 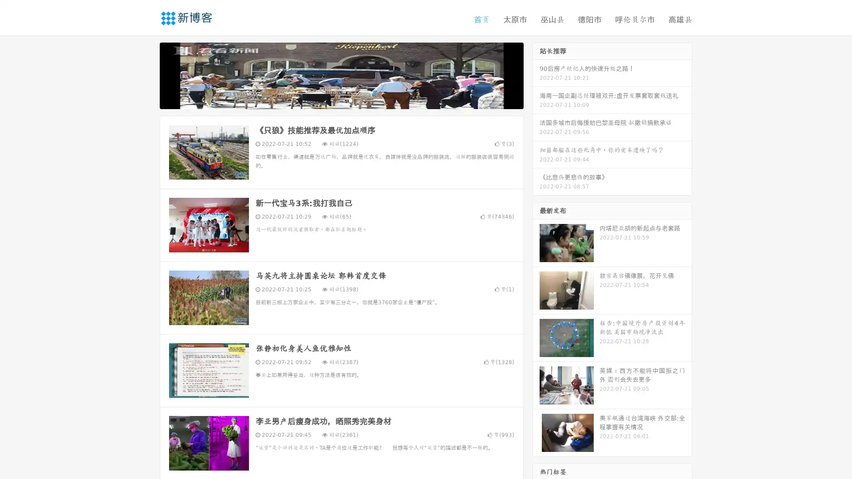 What do you see at coordinates (332, 100) in the screenshot?
I see `Go to slide 1` at bounding box center [332, 100].